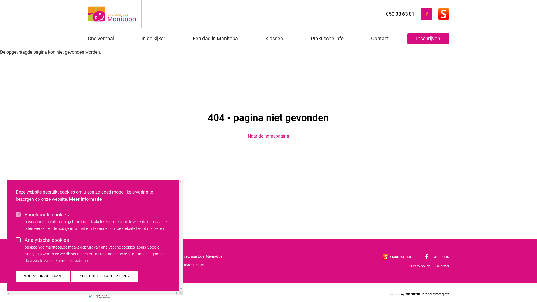 This screenshot has height=302, width=537. What do you see at coordinates (400, 13) in the screenshot?
I see `'050 38 63 81'` at bounding box center [400, 13].